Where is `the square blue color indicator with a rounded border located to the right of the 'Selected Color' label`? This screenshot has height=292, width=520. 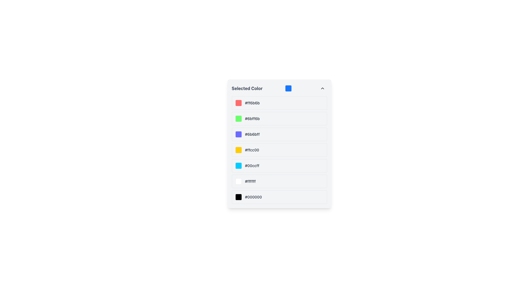 the square blue color indicator with a rounded border located to the right of the 'Selected Color' label is located at coordinates (288, 88).